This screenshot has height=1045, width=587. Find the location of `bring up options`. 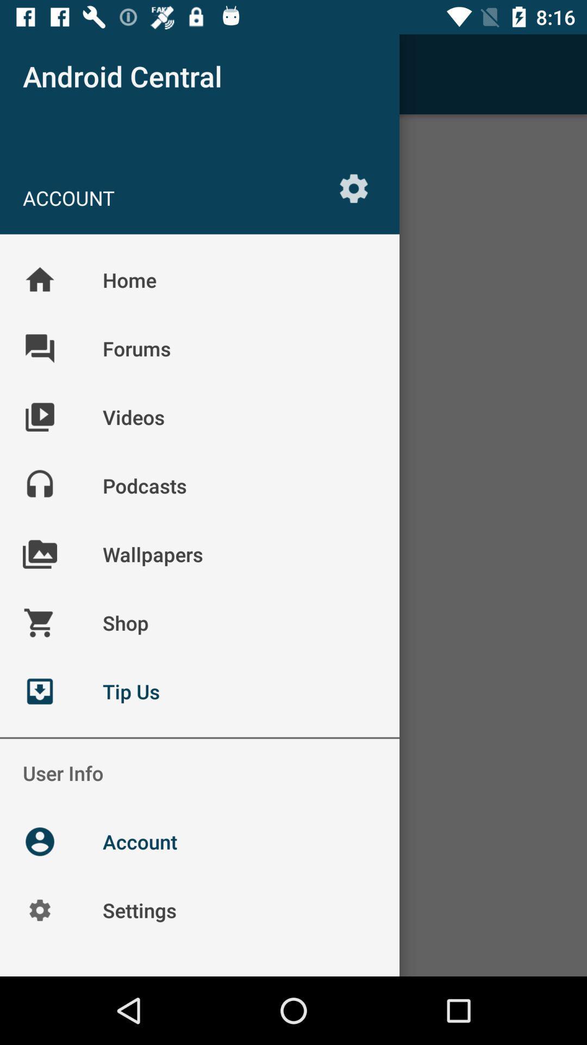

bring up options is located at coordinates (354, 188).